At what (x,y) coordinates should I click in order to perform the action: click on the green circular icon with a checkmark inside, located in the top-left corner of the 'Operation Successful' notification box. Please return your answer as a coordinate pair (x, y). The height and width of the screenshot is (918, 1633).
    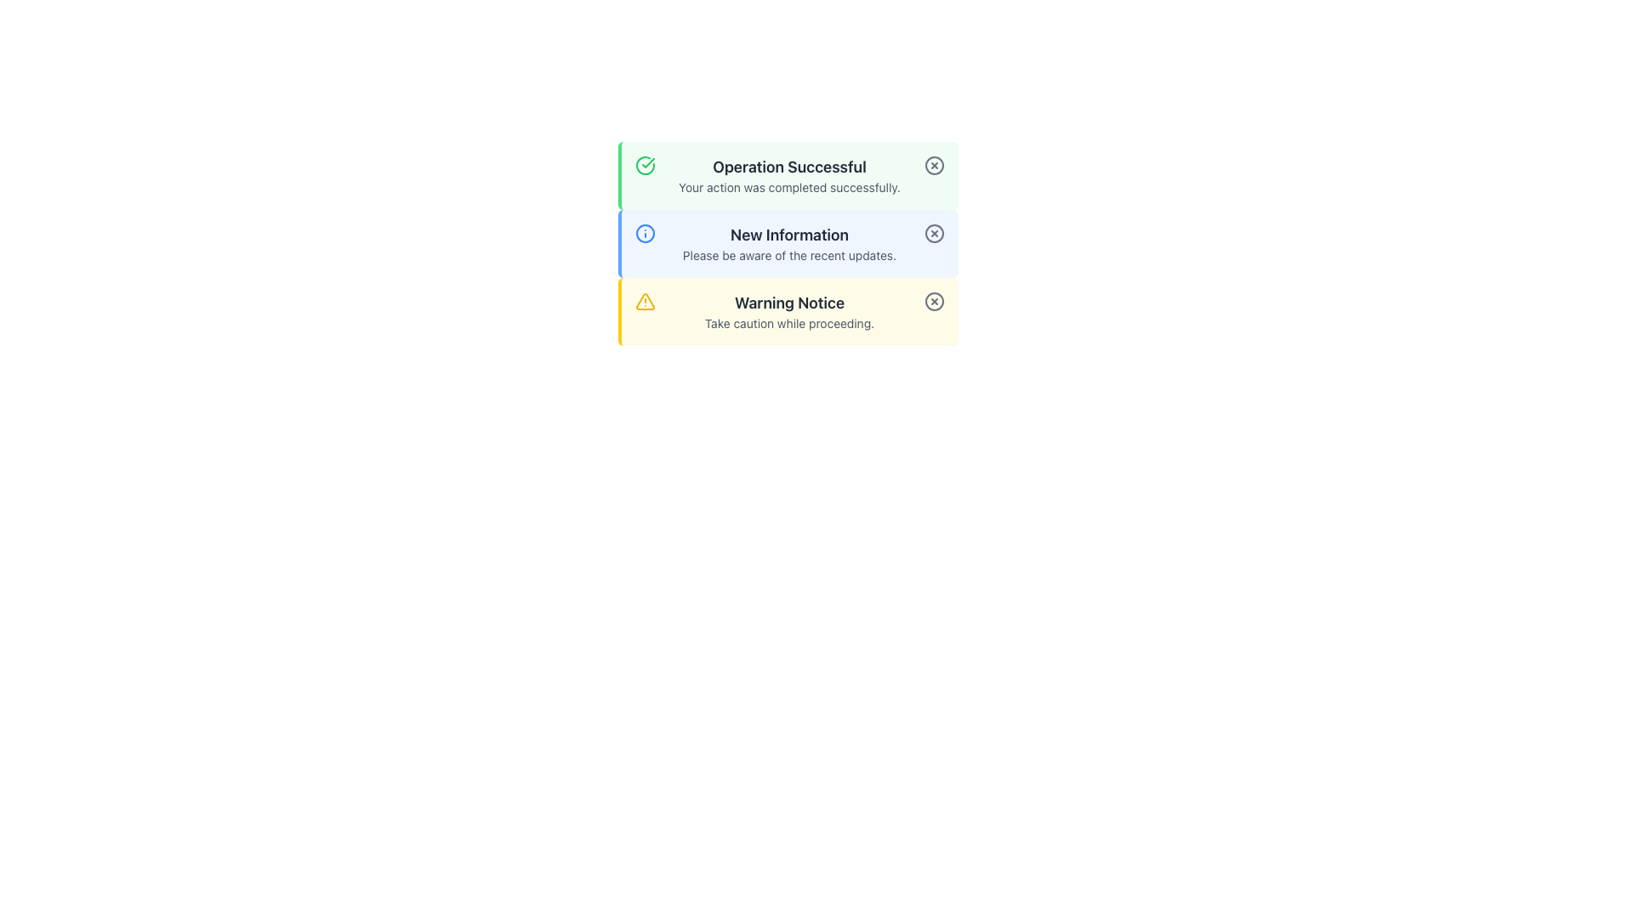
    Looking at the image, I should click on (644, 166).